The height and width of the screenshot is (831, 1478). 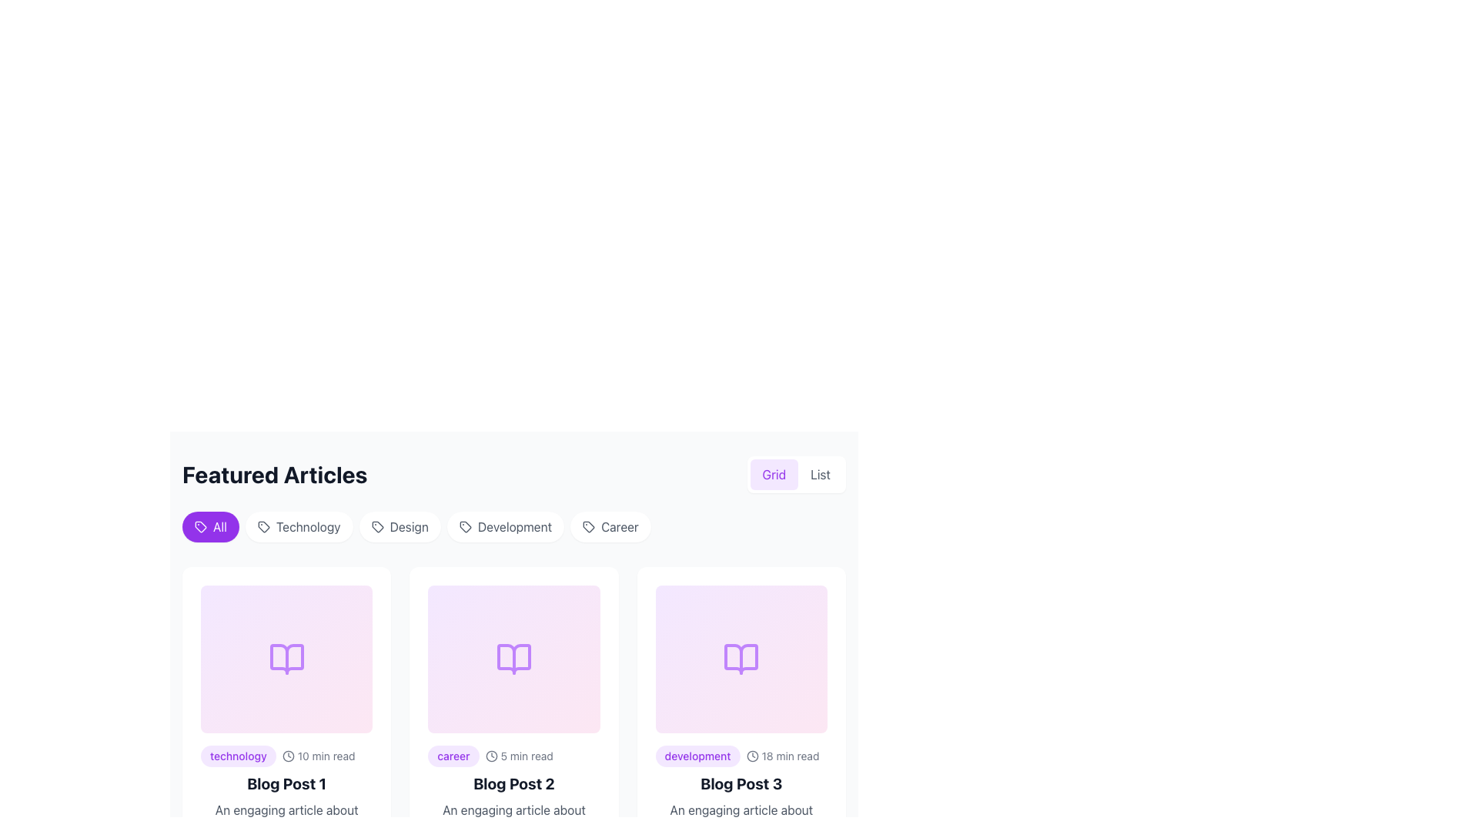 What do you see at coordinates (299, 526) in the screenshot?
I see `the category filter button that filters content` at bounding box center [299, 526].